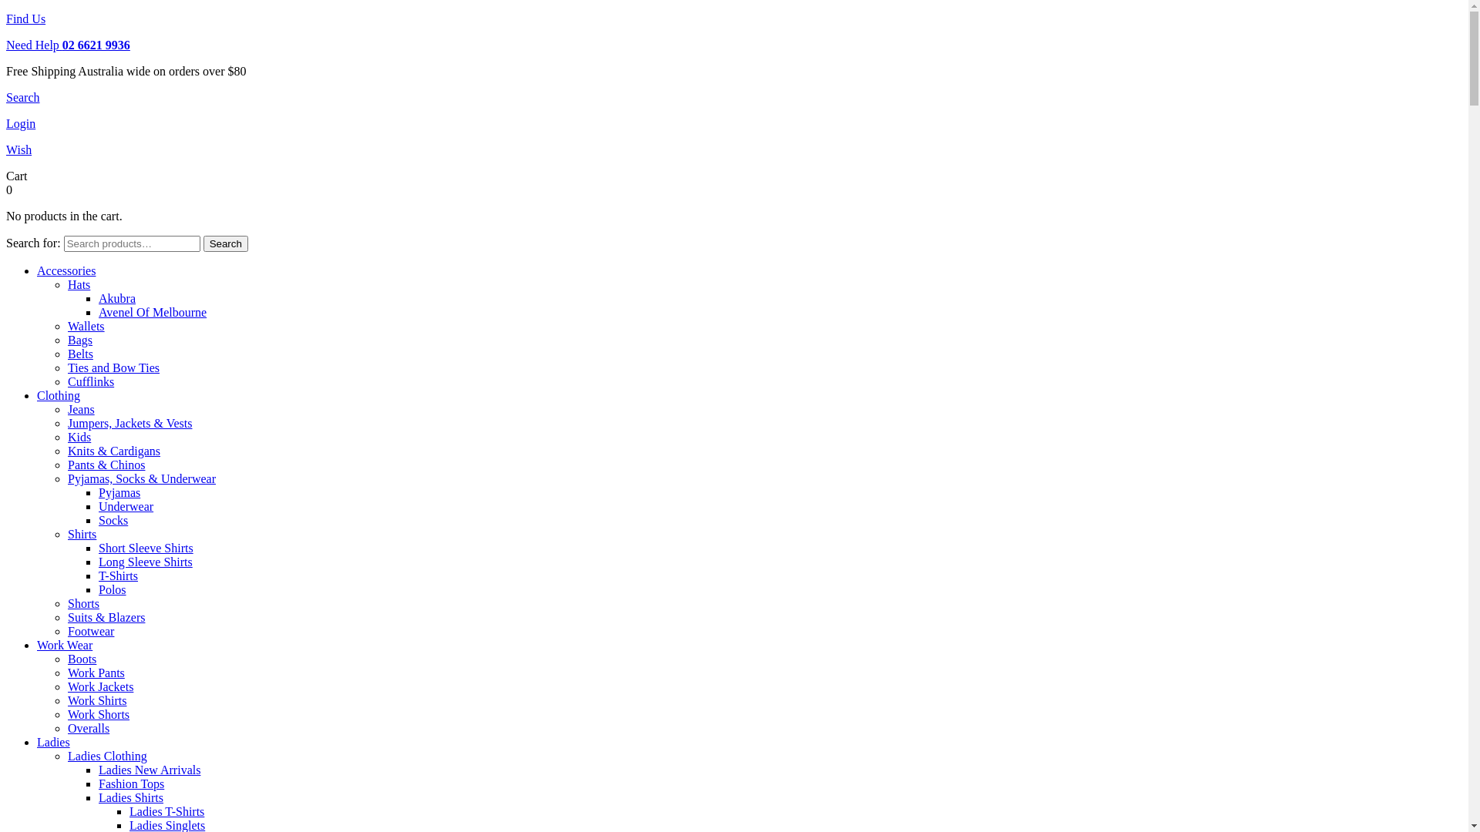 Image resolution: width=1480 pixels, height=832 pixels. I want to click on 'Jumpers, Jackets & Vests', so click(129, 423).